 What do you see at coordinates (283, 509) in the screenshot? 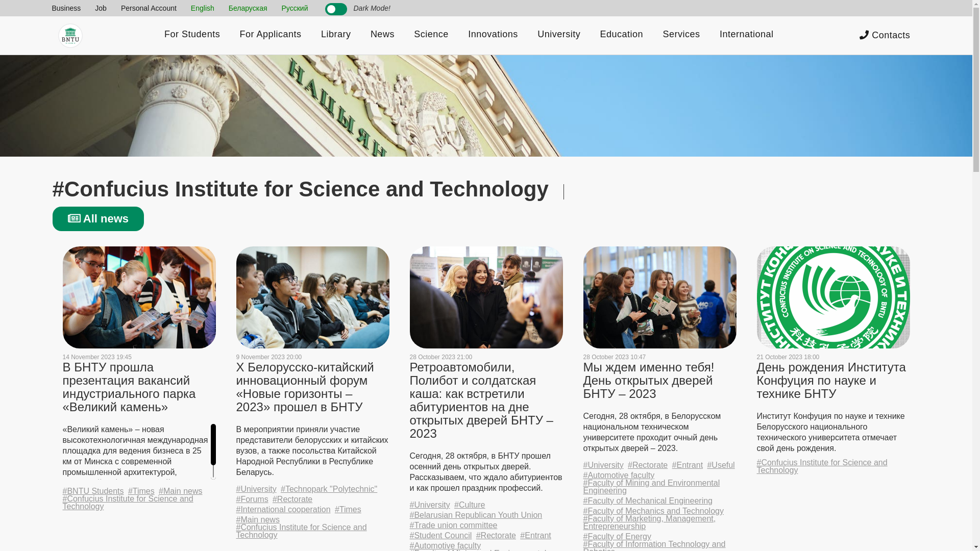
I see `'#International cooperation'` at bounding box center [283, 509].